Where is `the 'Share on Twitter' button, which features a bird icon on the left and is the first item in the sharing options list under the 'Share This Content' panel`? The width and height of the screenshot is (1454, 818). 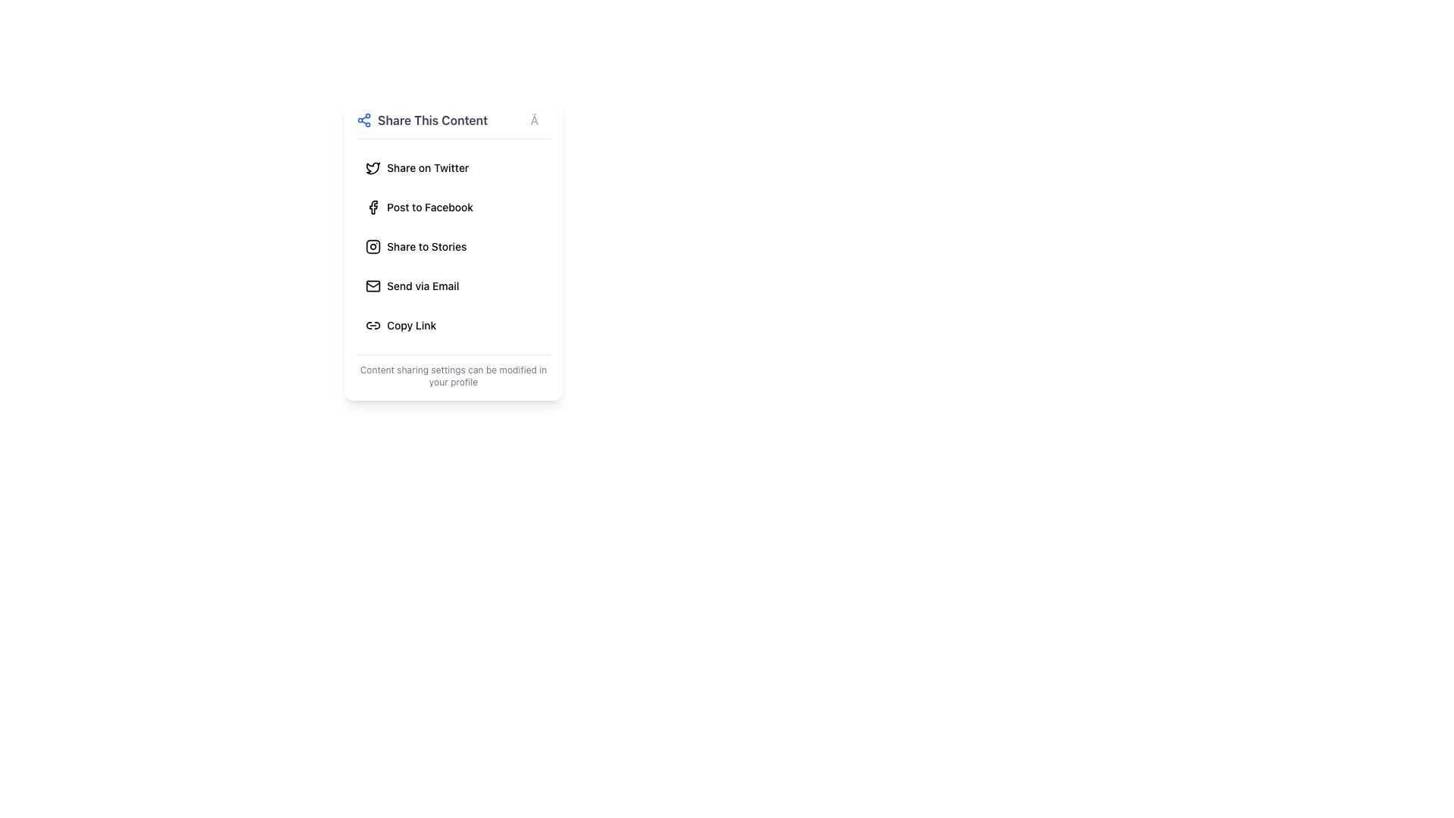 the 'Share on Twitter' button, which features a bird icon on the left and is the first item in the sharing options list under the 'Share This Content' panel is located at coordinates (453, 168).